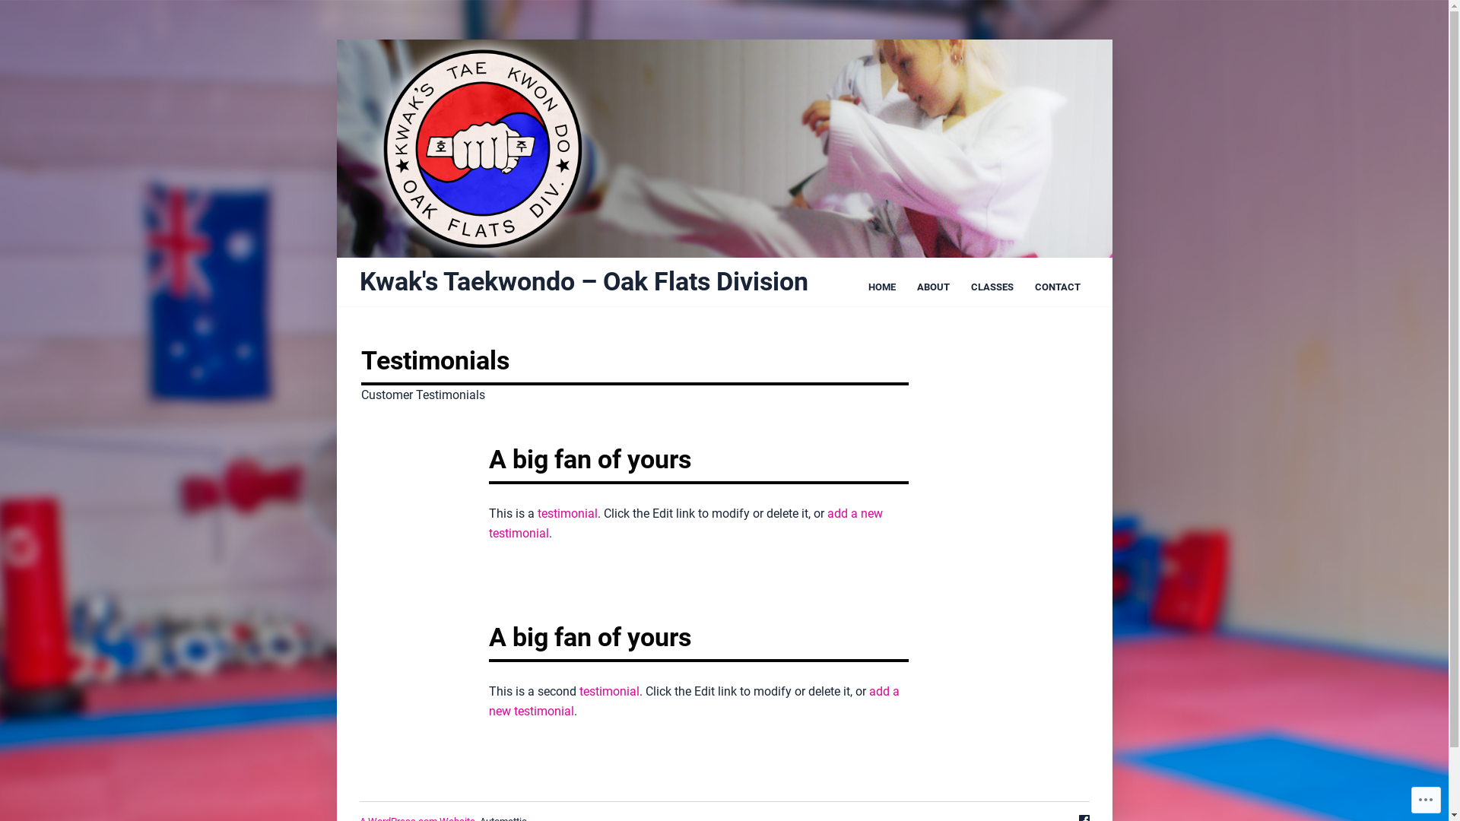  What do you see at coordinates (489, 458) in the screenshot?
I see `'A big fan of yours'` at bounding box center [489, 458].